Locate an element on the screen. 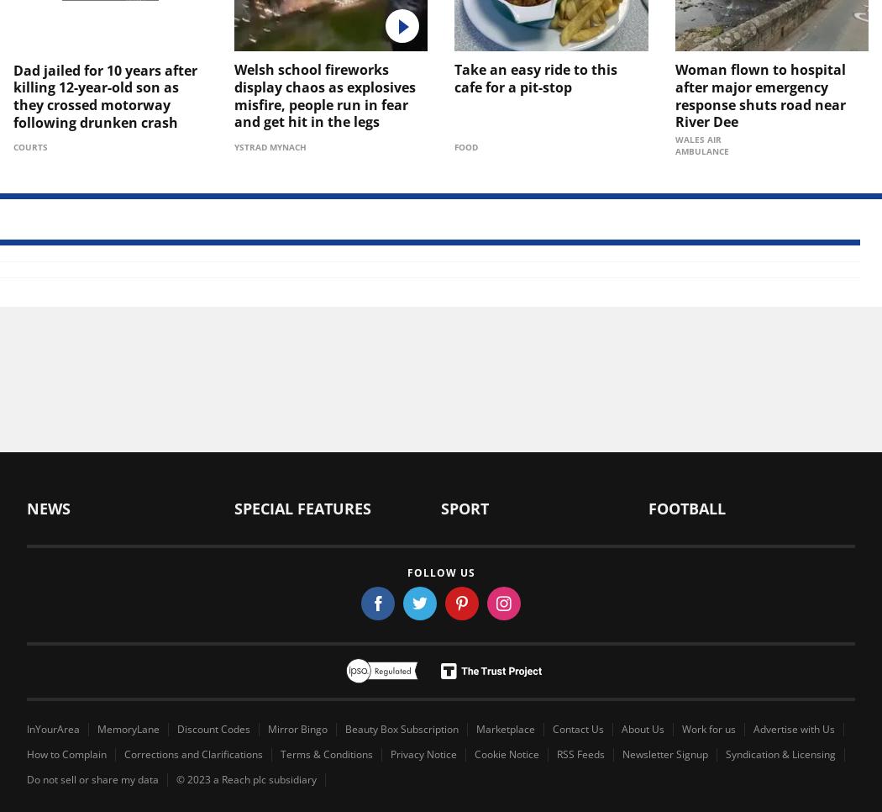 The height and width of the screenshot is (812, 882). 'InYourArea' is located at coordinates (52, 729).